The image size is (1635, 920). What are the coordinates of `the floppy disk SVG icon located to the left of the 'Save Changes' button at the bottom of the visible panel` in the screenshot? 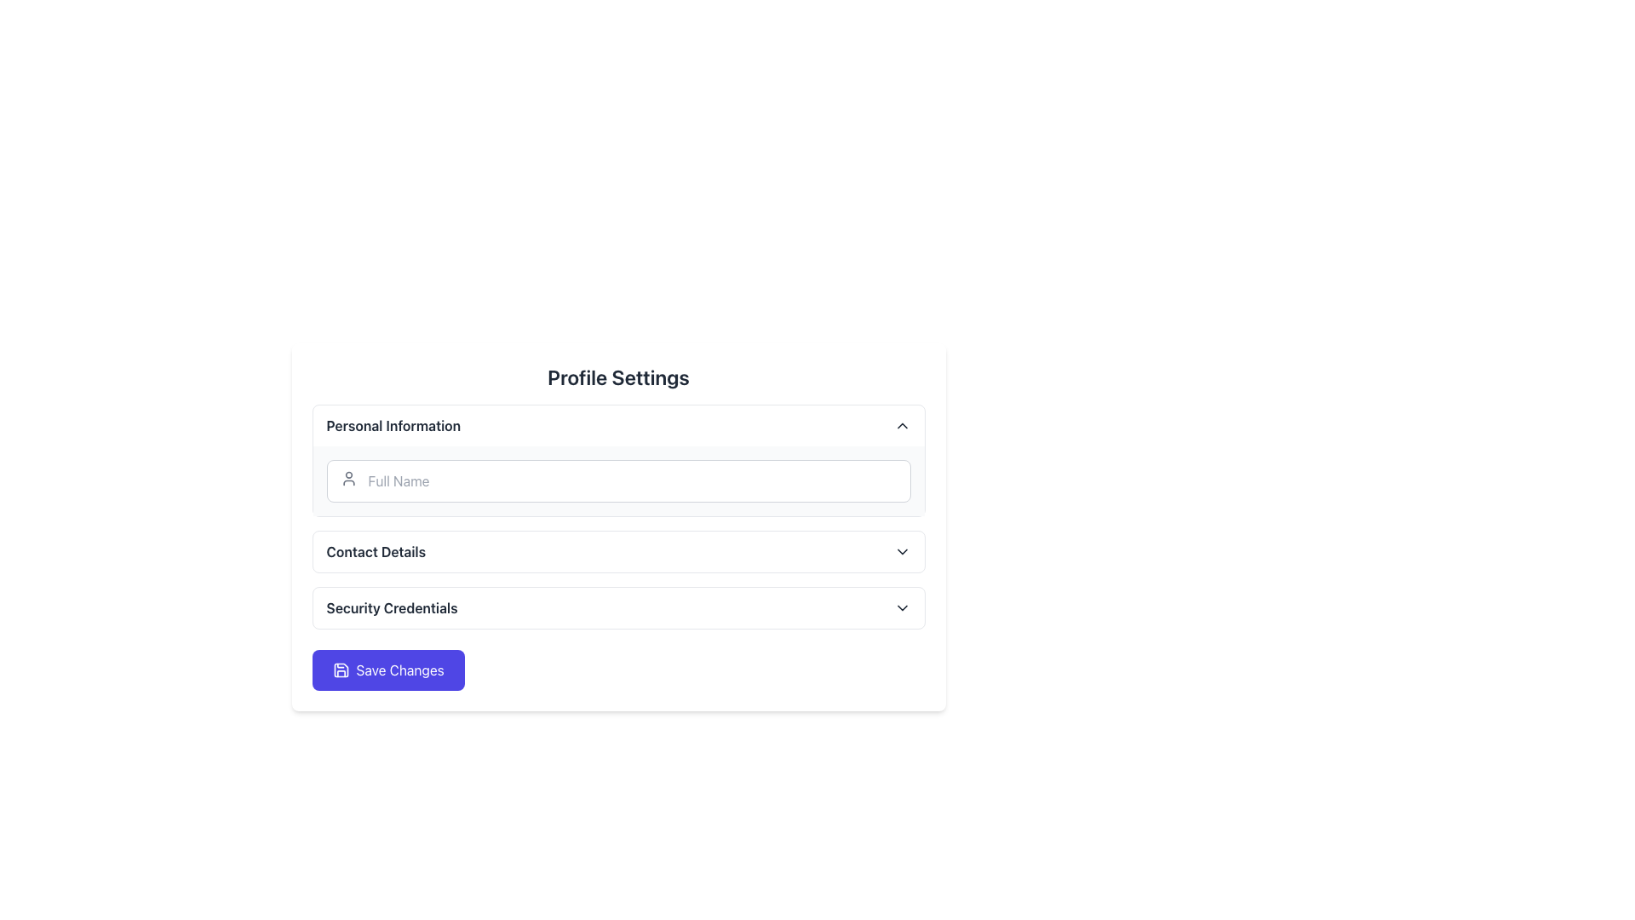 It's located at (341, 669).